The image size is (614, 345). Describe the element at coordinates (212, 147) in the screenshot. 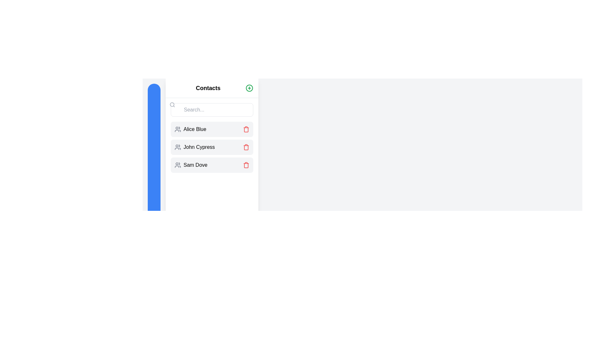

I see `the second list item representing the contact 'John Cypress'` at that location.